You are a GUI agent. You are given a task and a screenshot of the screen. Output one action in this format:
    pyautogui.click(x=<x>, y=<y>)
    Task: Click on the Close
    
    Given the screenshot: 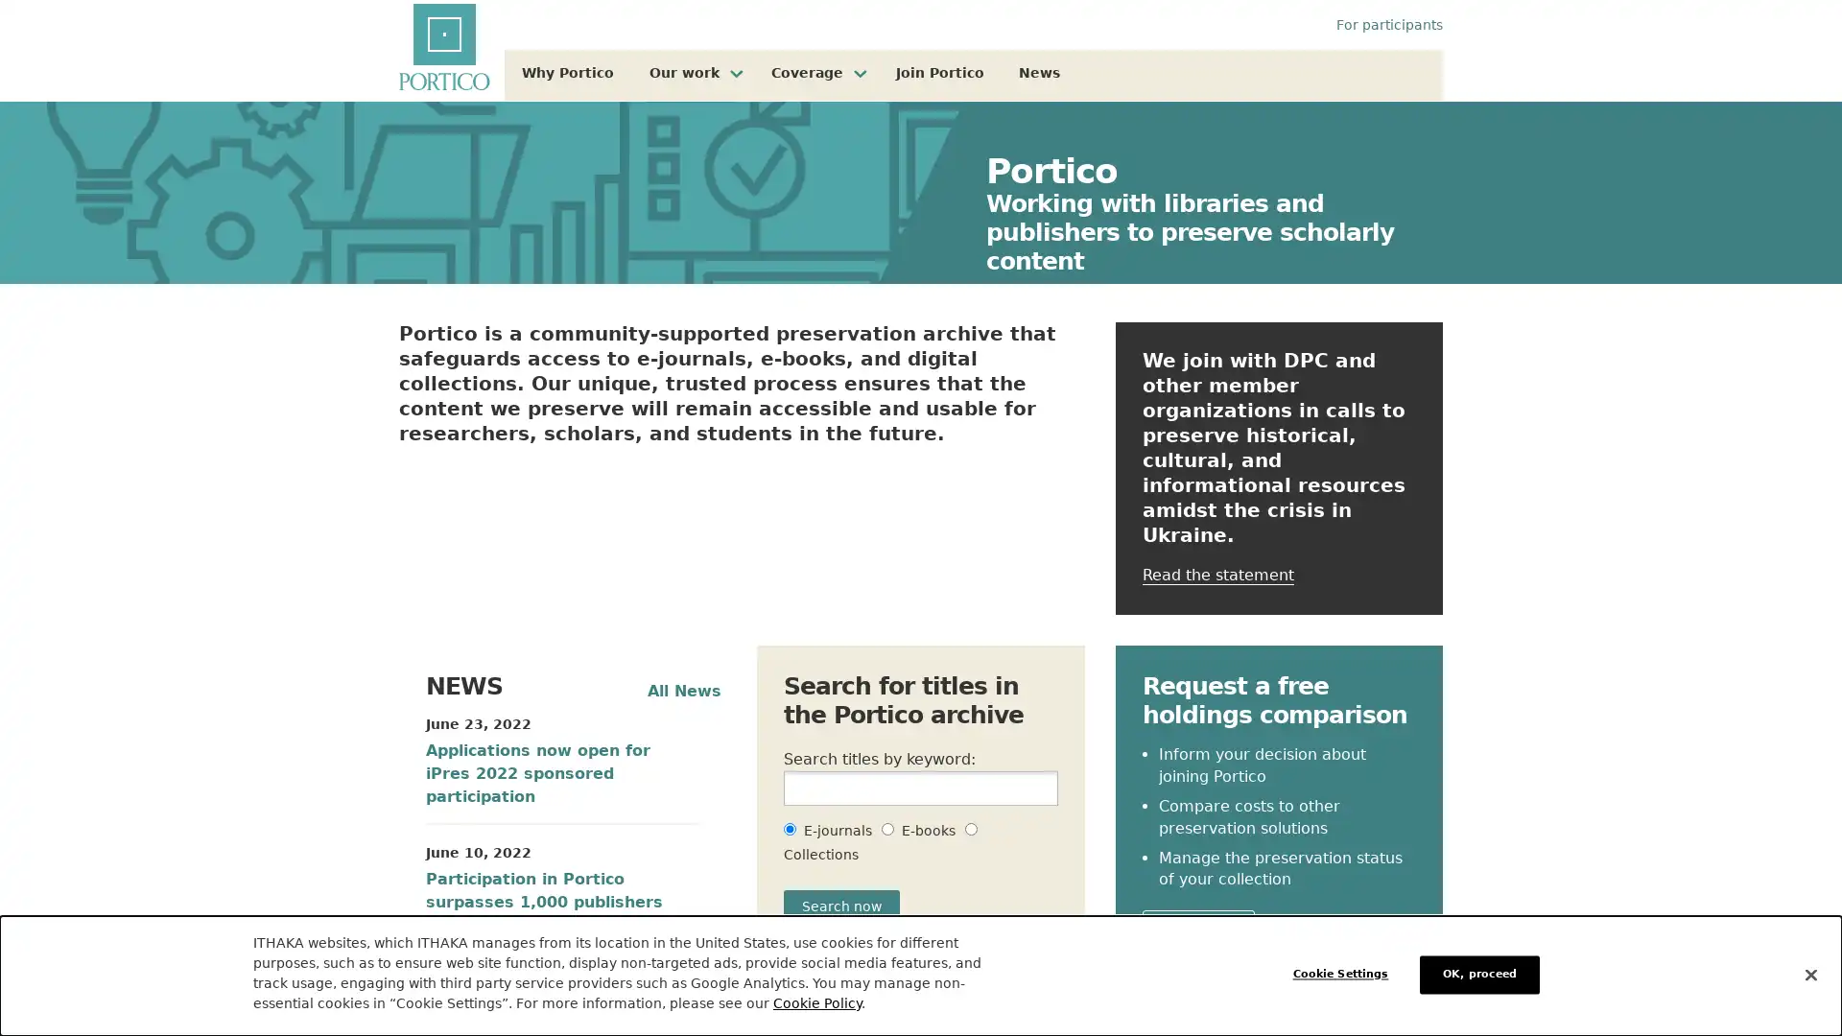 What is the action you would take?
    pyautogui.click(x=1809, y=974)
    